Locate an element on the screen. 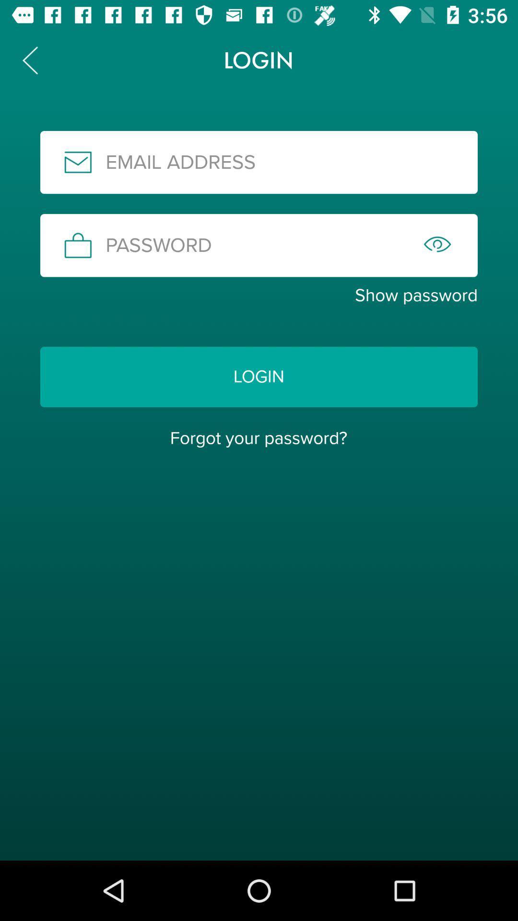  your password is located at coordinates (259, 245).